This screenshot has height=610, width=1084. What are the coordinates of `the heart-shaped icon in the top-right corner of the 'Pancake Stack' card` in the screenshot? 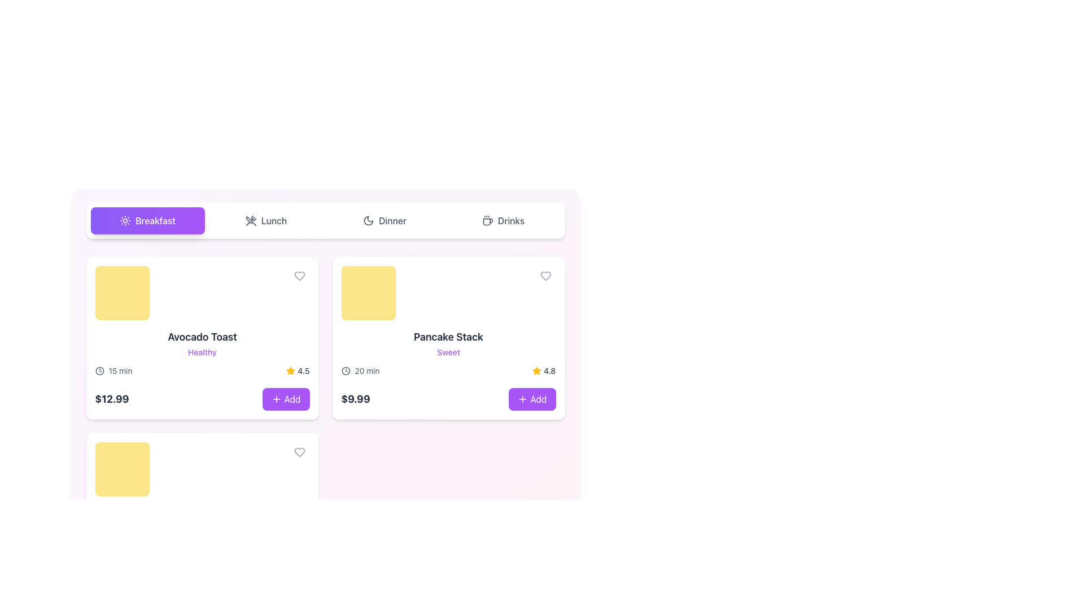 It's located at (545, 276).